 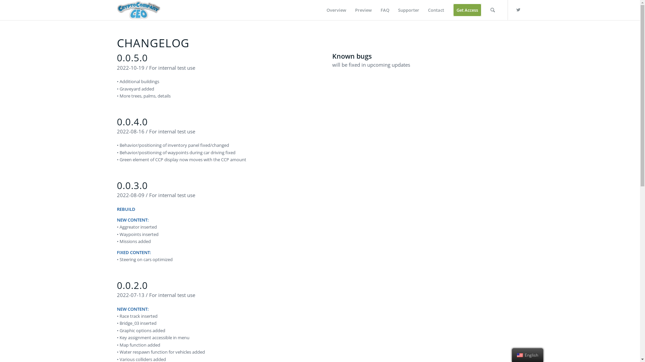 What do you see at coordinates (518, 10) in the screenshot?
I see `'Twitter'` at bounding box center [518, 10].